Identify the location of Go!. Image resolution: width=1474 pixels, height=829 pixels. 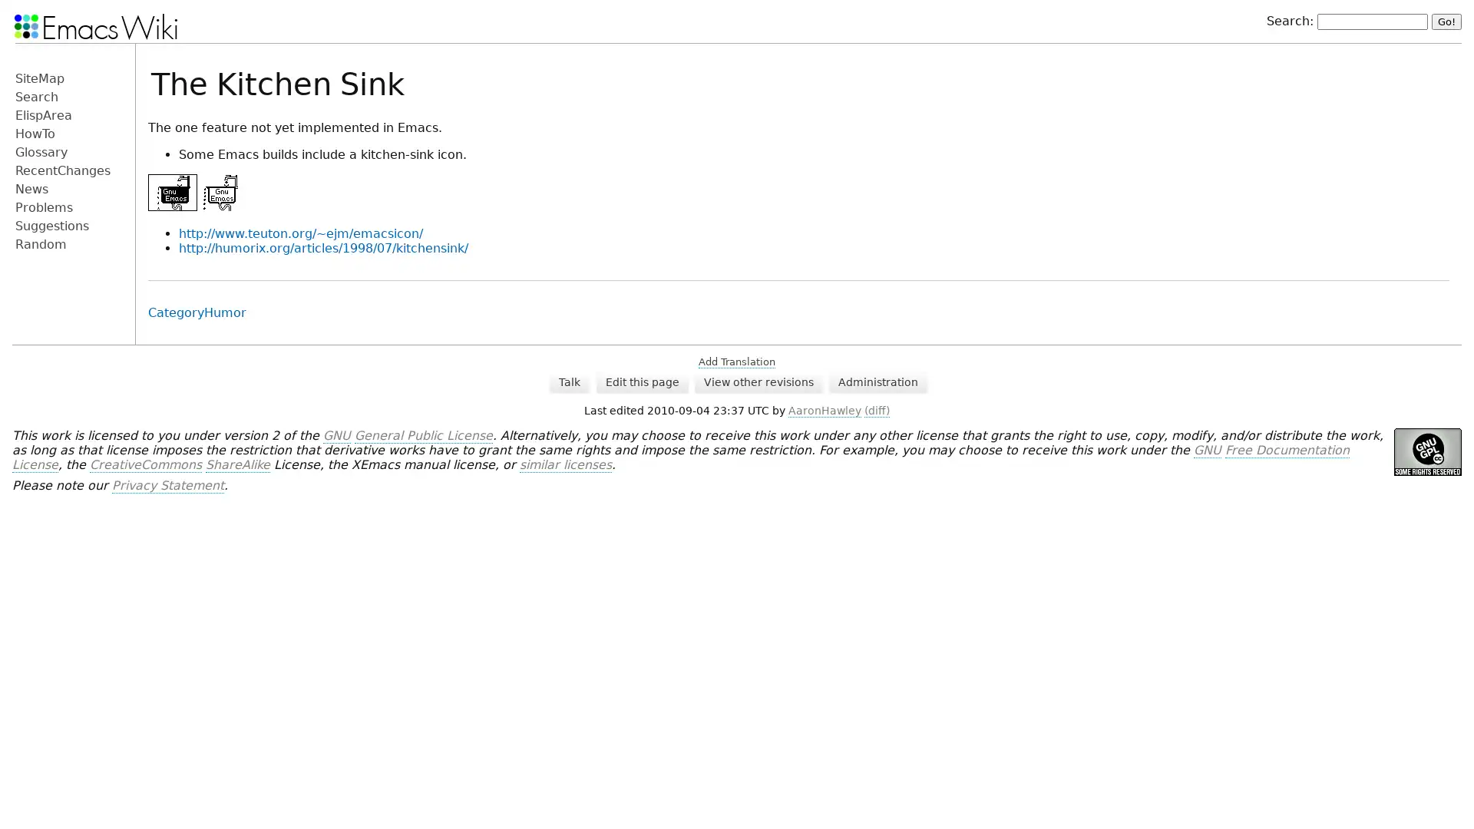
(1446, 21).